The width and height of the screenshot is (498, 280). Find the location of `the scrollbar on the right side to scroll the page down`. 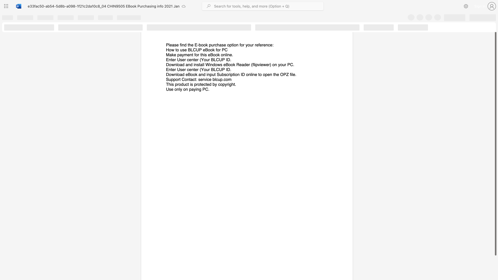

the scrollbar on the right side to scroll the page down is located at coordinates (495, 277).